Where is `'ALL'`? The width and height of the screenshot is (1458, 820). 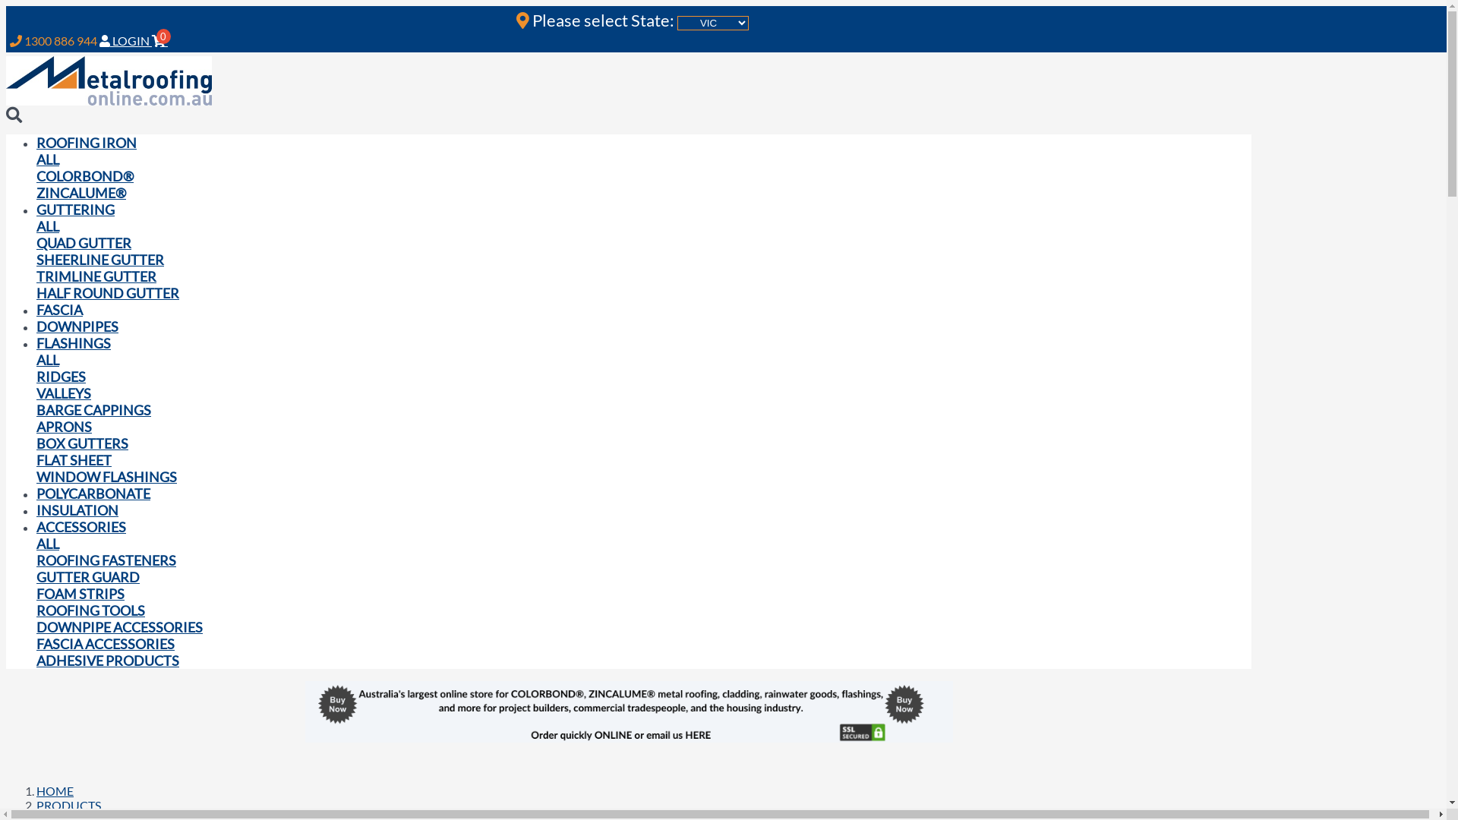 'ALL' is located at coordinates (36, 159).